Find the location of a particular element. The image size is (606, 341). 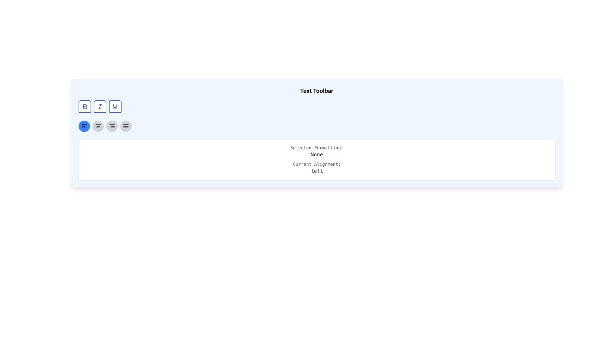

the first alignment button located below the text styling buttons in the toolbar to align text to the left is located at coordinates (84, 126).